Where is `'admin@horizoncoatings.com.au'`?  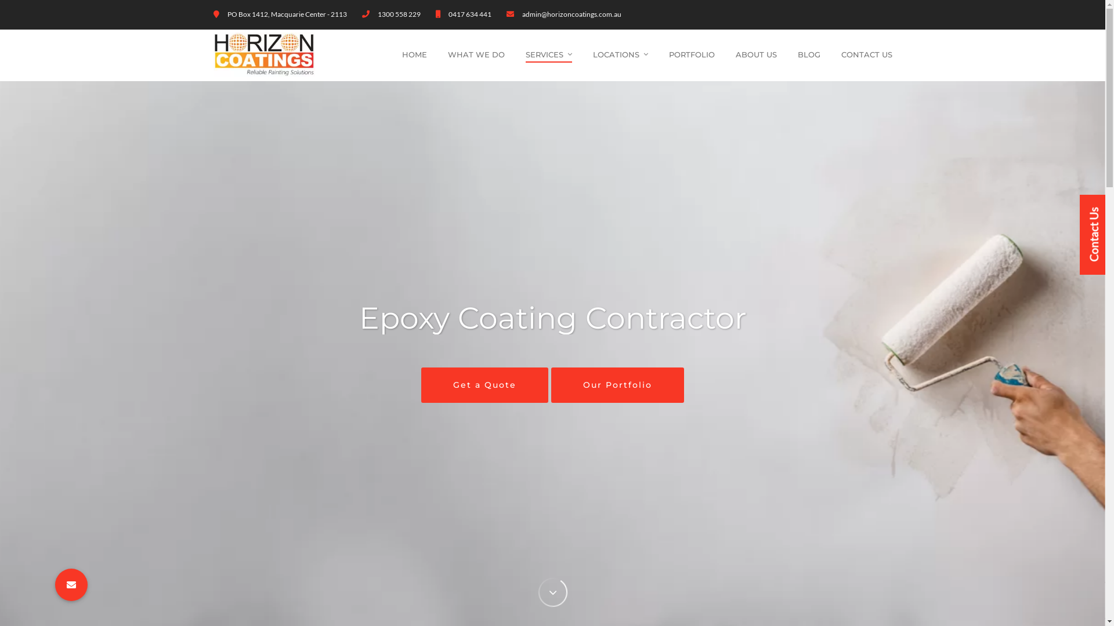 'admin@horizoncoatings.com.au' is located at coordinates (572, 14).